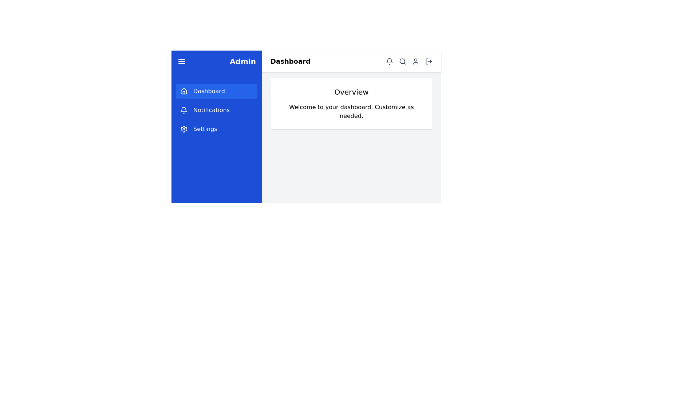  Describe the element at coordinates (429, 61) in the screenshot. I see `the logout icon, which is the rightmost icon in a row of icons at the top-right corner of the interface` at that location.